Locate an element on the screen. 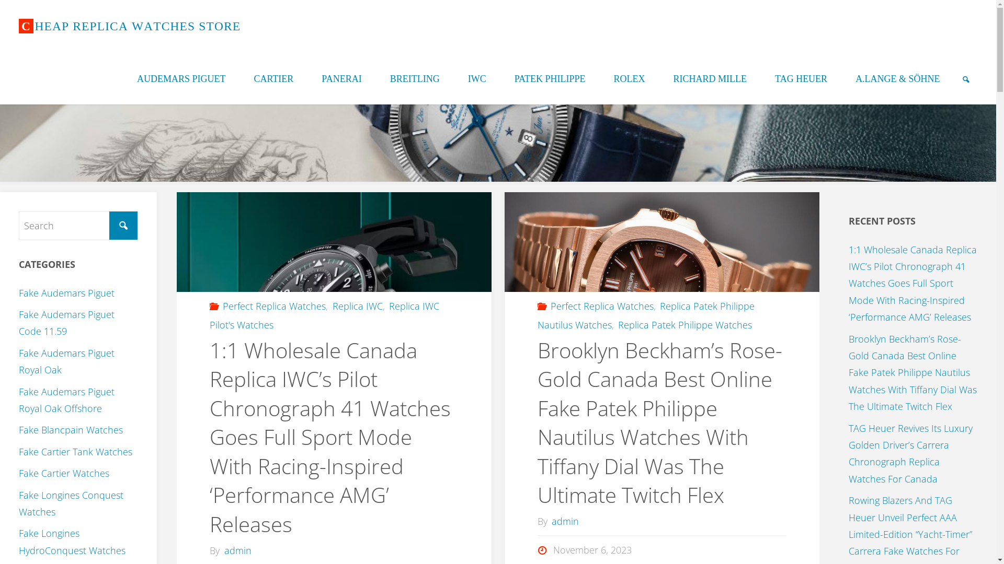 This screenshot has width=1004, height=564. 'Fake Blancpain Watches' is located at coordinates (18, 429).